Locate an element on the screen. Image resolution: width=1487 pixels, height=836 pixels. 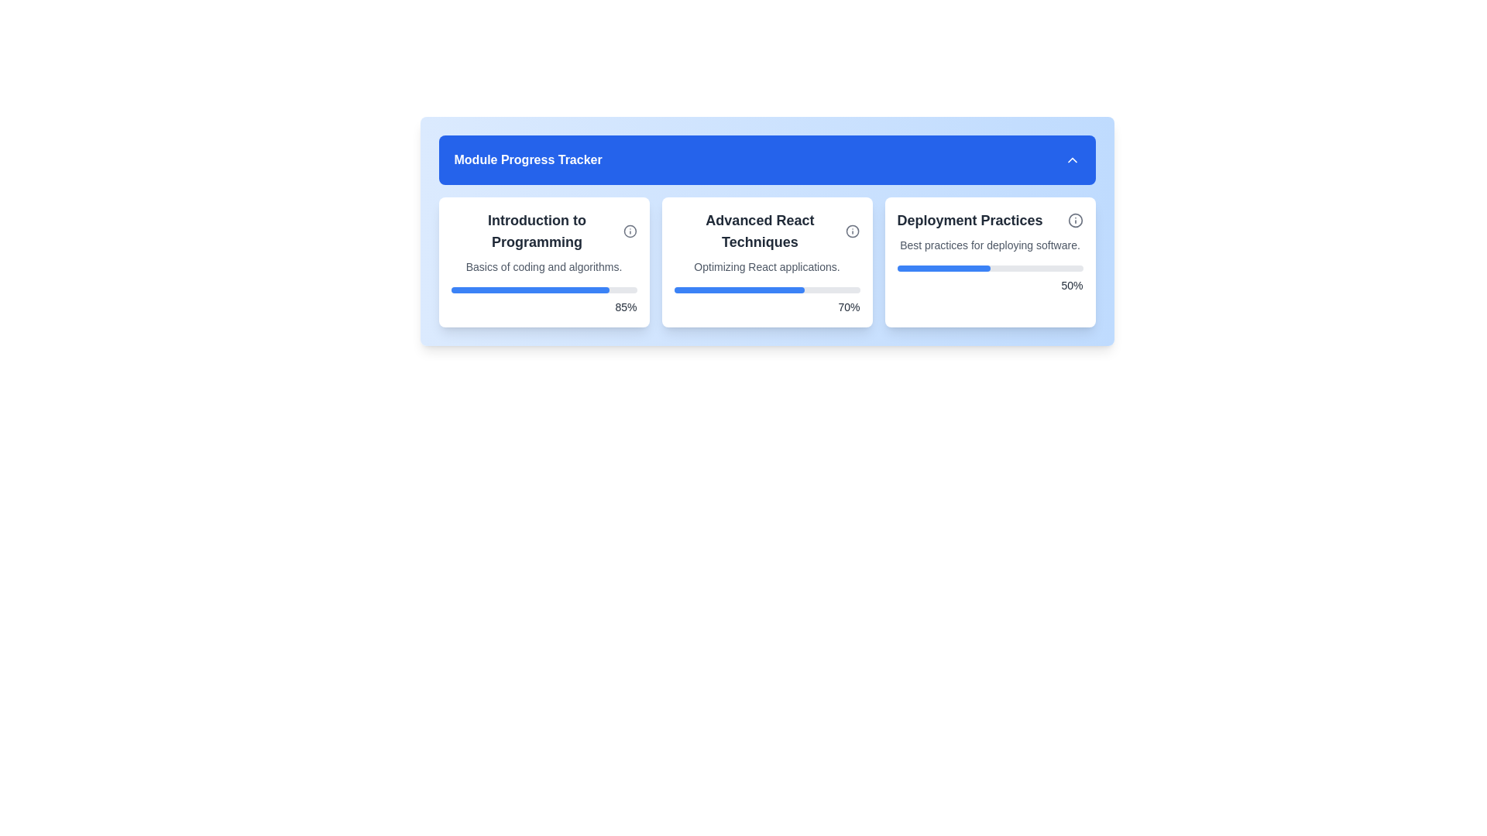
the title text label located at the top of the first module card in the 'Module Progress Tracker' section to focus on it is located at coordinates (544, 231).